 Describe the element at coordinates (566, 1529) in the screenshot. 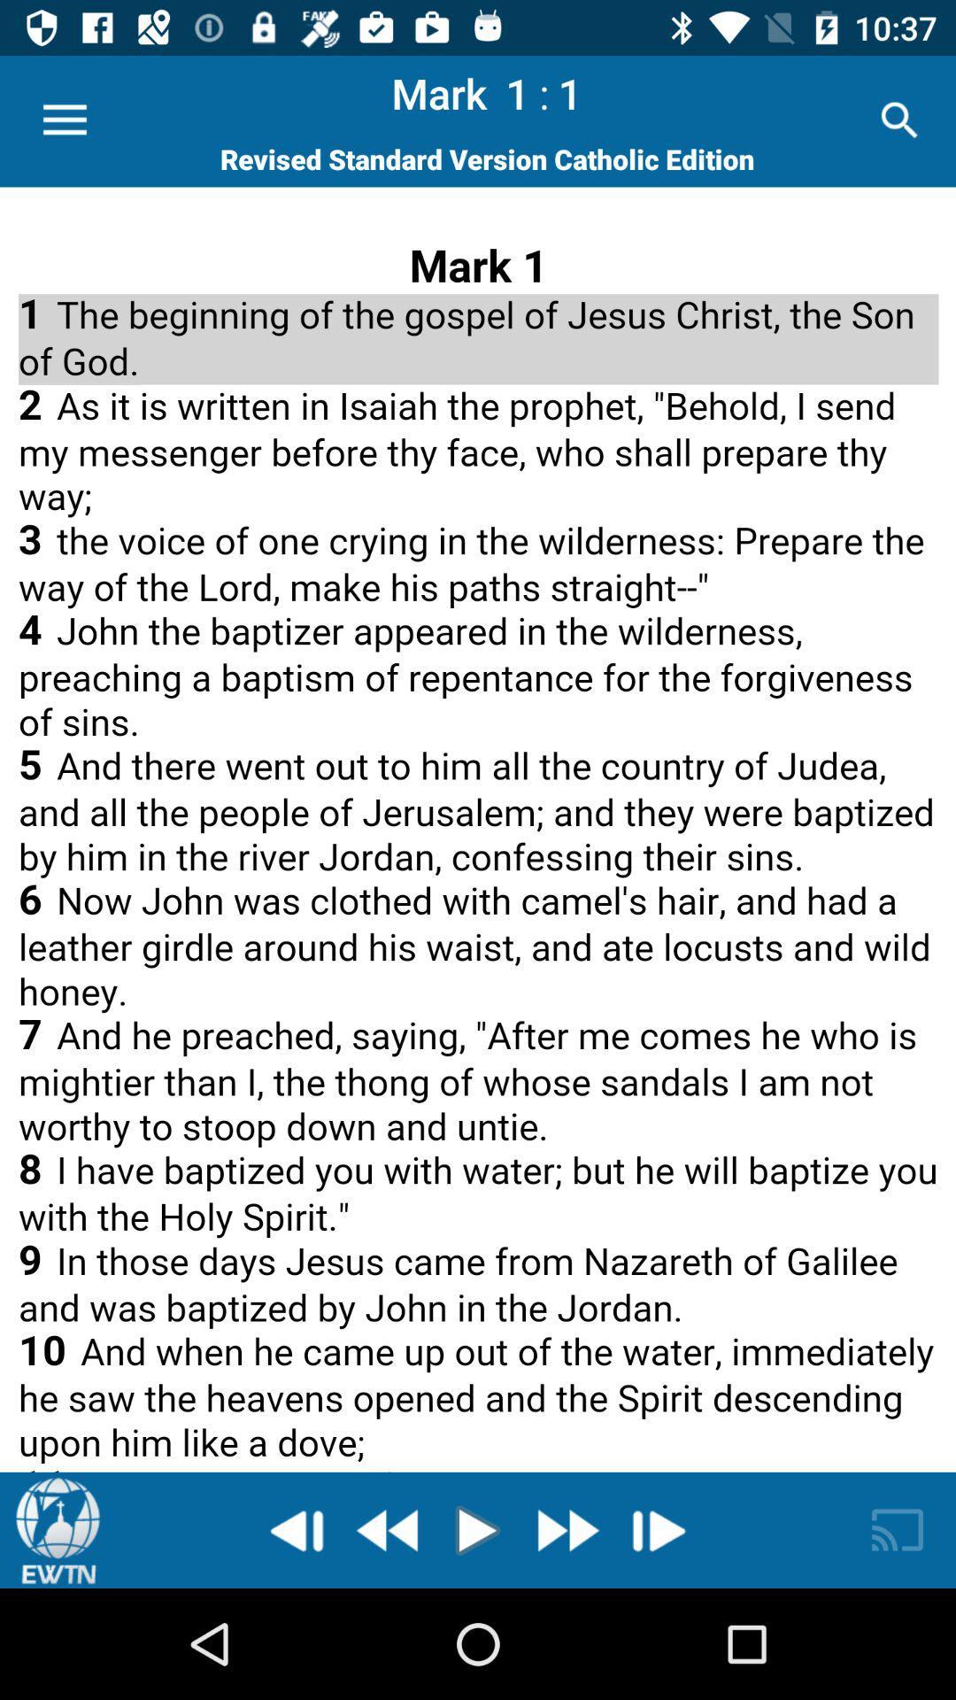

I see `the av_forward icon` at that location.